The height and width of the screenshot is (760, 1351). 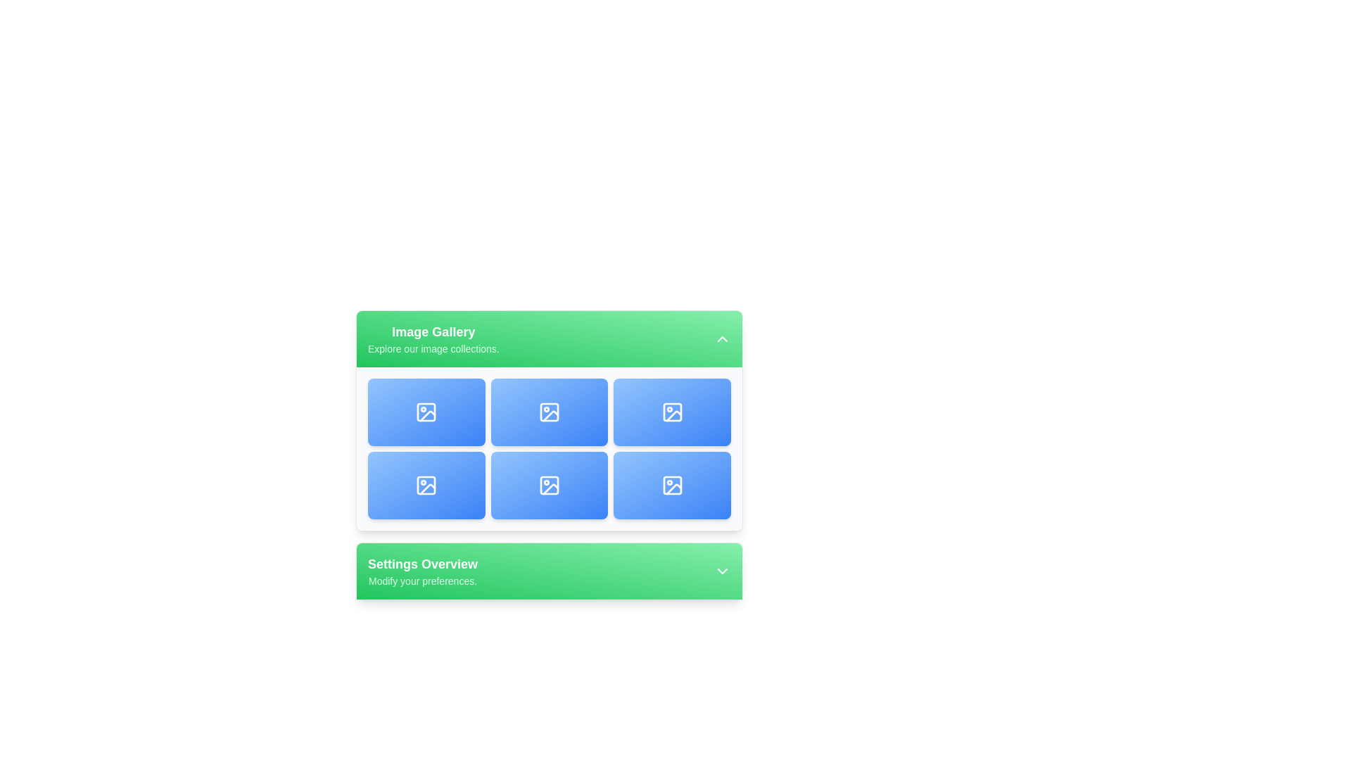 I want to click on the image icon pictogram, which is styled with a white stroke on a blue background, located in the second row, third column of the 'Image Gallery' section, so click(x=549, y=485).